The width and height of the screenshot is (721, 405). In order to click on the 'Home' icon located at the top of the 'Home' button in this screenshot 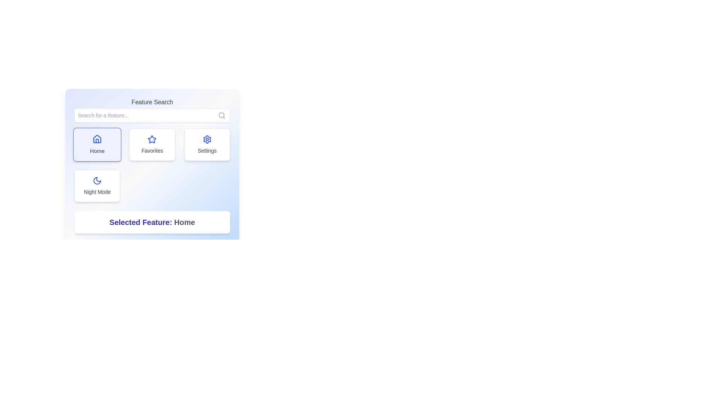, I will do `click(97, 139)`.